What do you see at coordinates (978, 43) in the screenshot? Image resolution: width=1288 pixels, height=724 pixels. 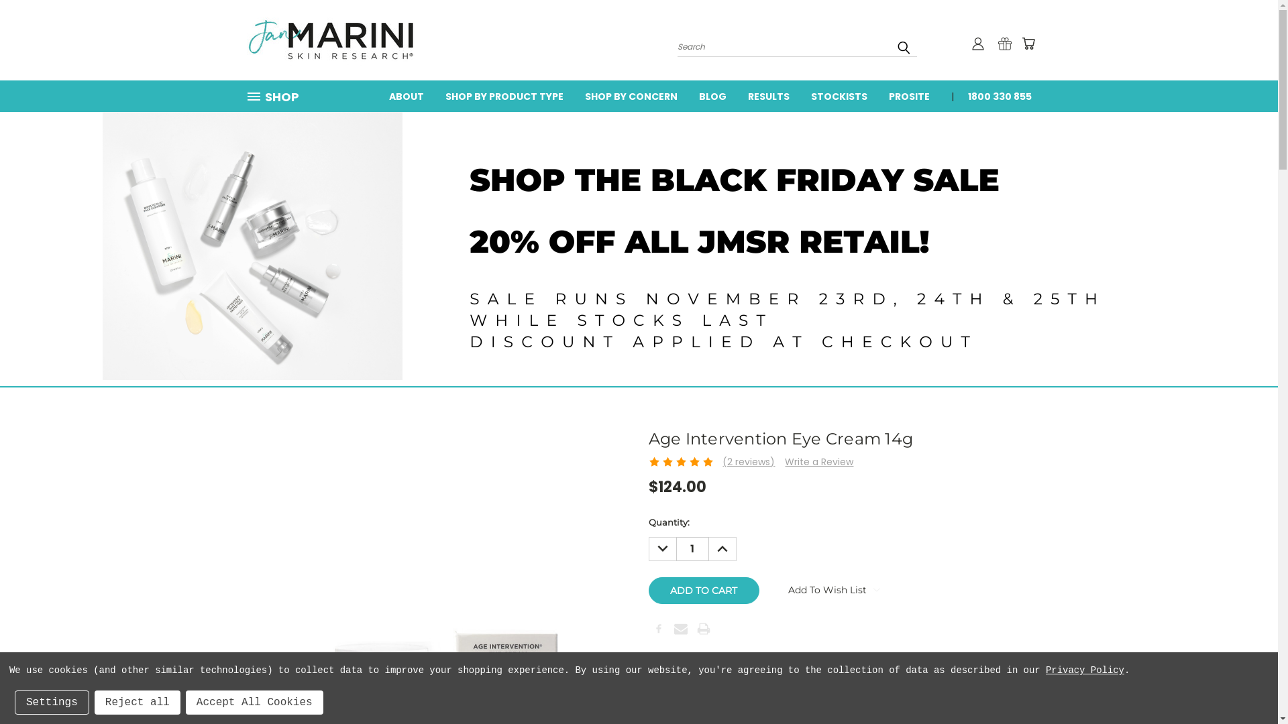 I see `'User Toolbox'` at bounding box center [978, 43].